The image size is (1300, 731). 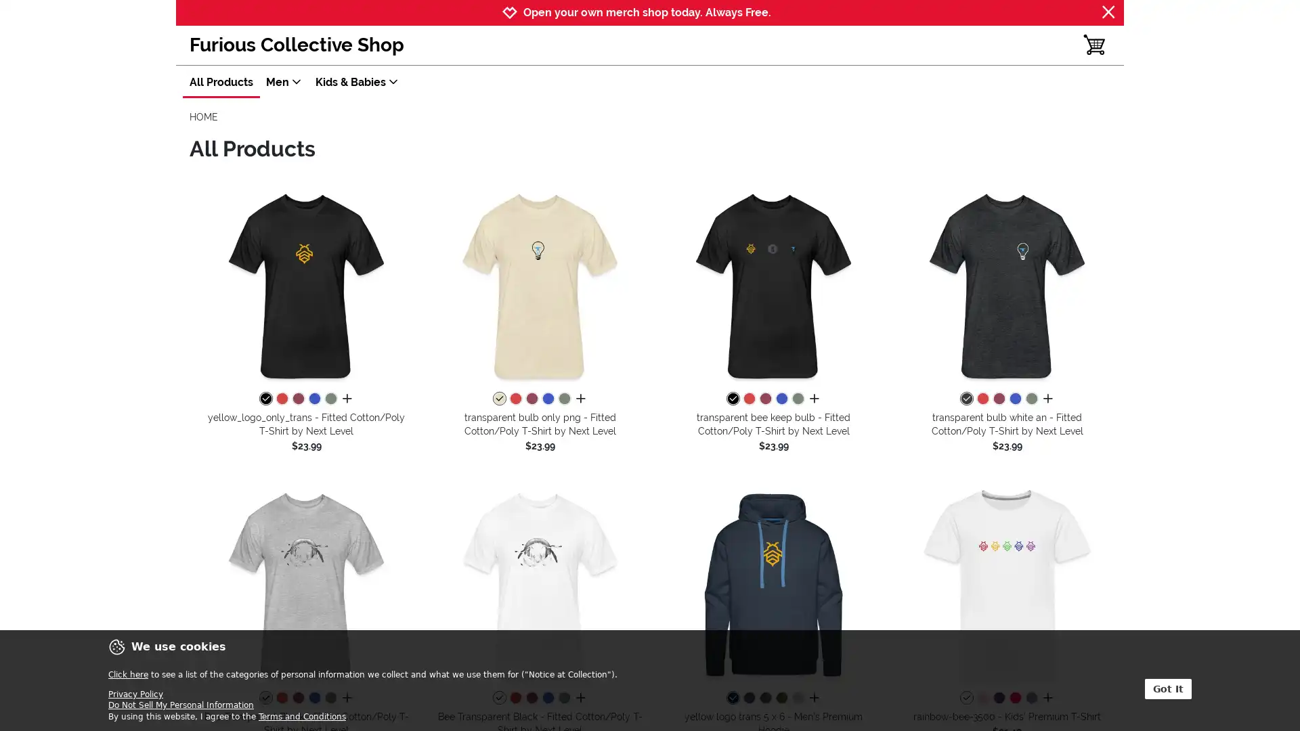 What do you see at coordinates (281, 699) in the screenshot?
I see `heather red` at bounding box center [281, 699].